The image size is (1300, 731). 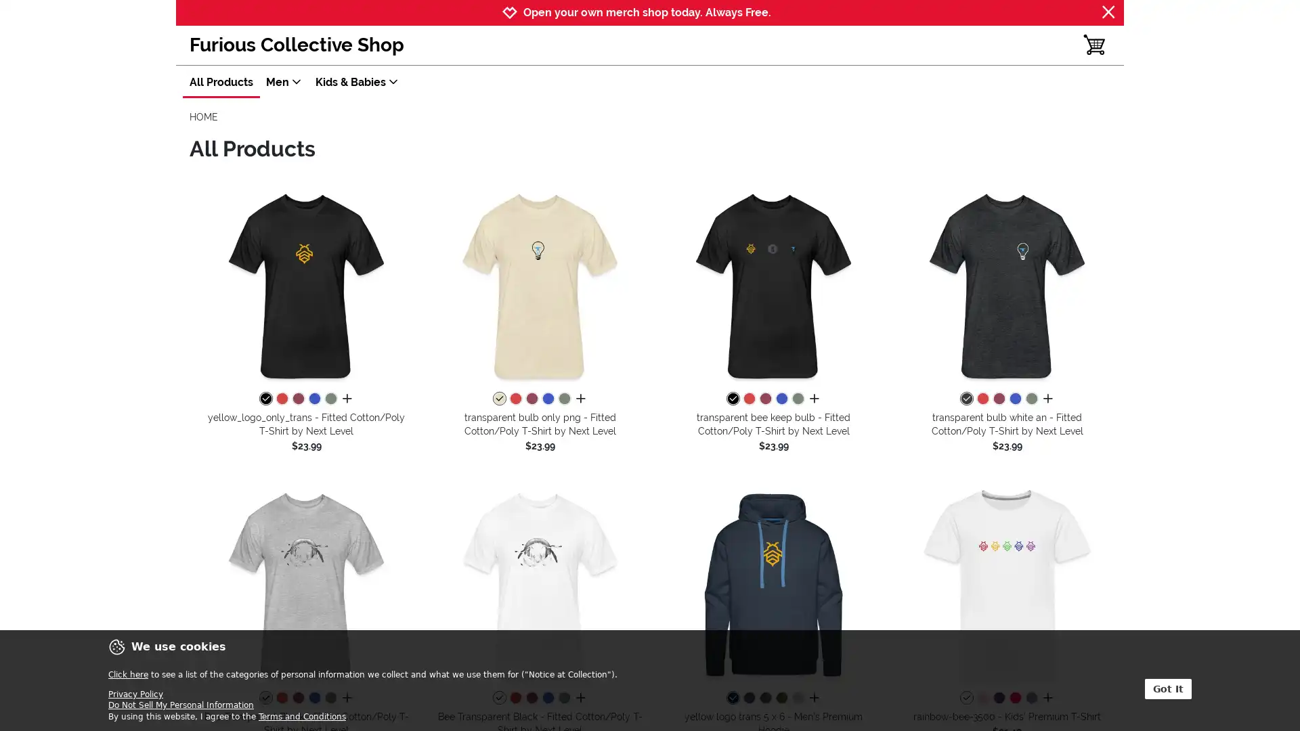 What do you see at coordinates (281, 699) in the screenshot?
I see `heather red` at bounding box center [281, 699].